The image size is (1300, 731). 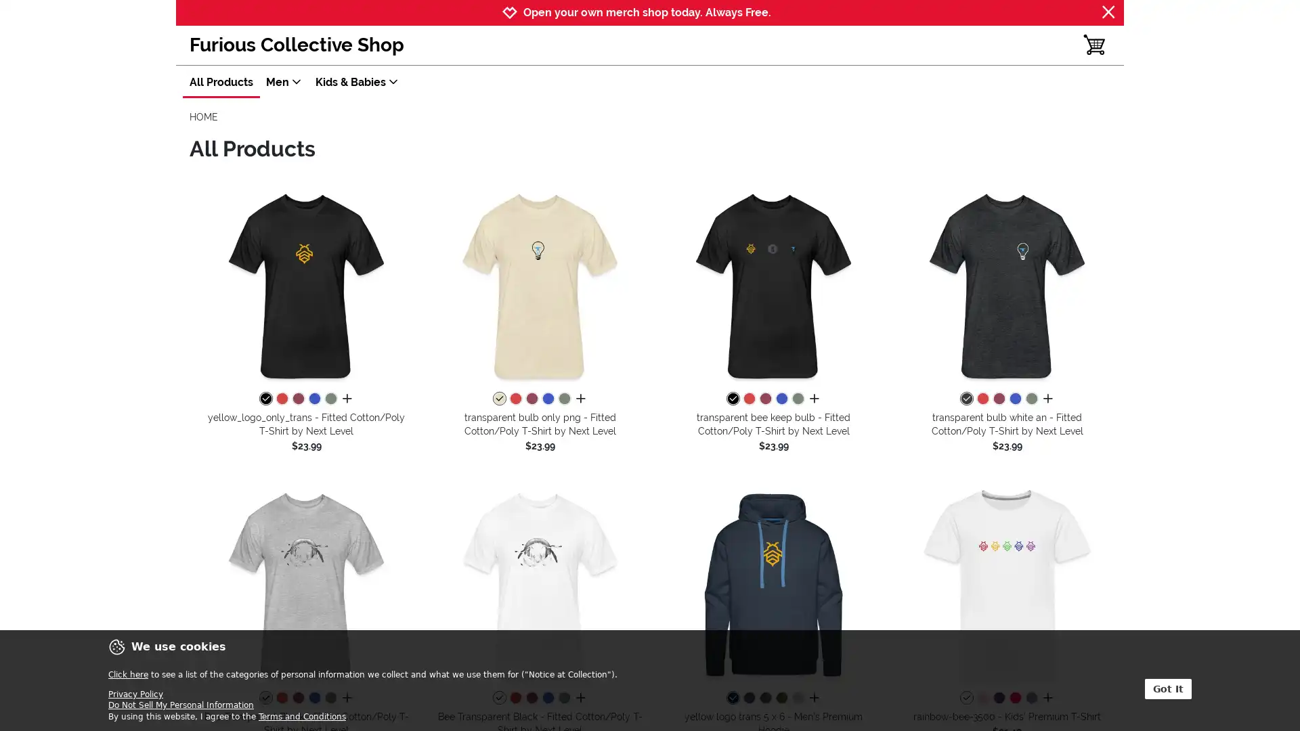 What do you see at coordinates (281, 699) in the screenshot?
I see `heather red` at bounding box center [281, 699].